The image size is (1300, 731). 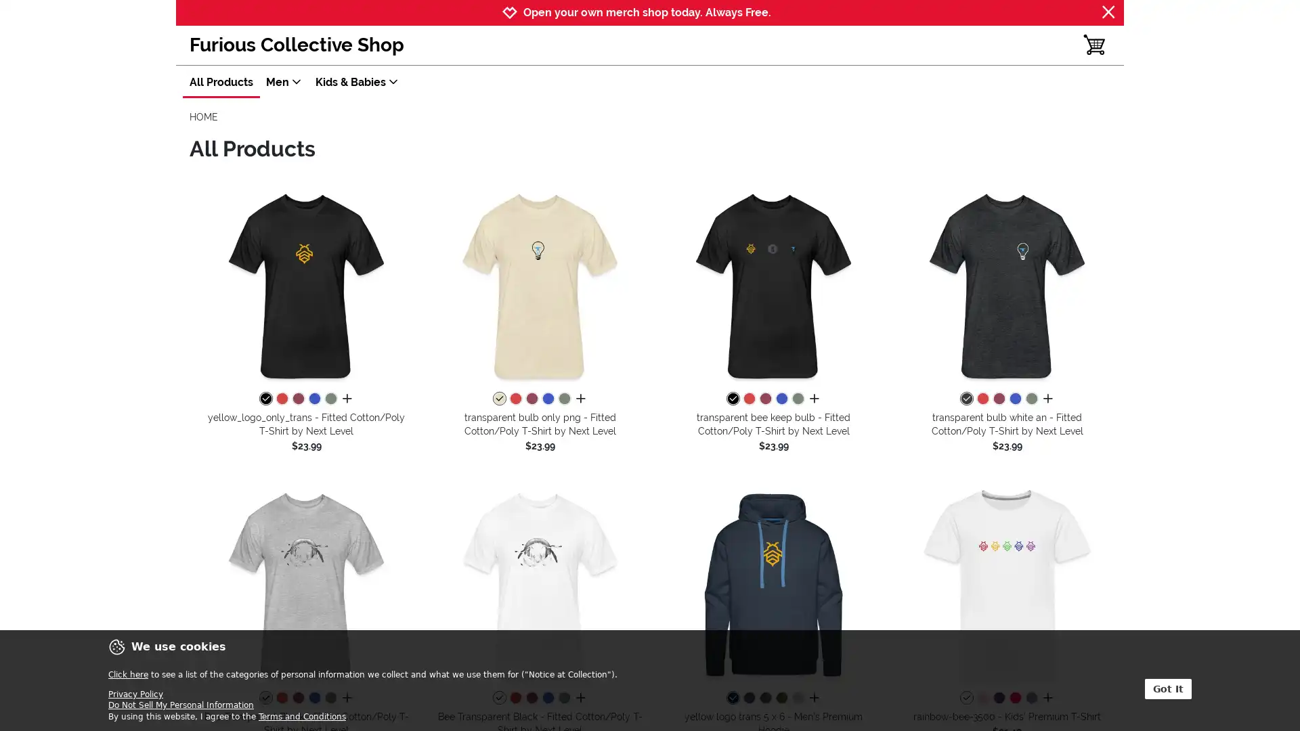 What do you see at coordinates (281, 699) in the screenshot?
I see `heather red` at bounding box center [281, 699].